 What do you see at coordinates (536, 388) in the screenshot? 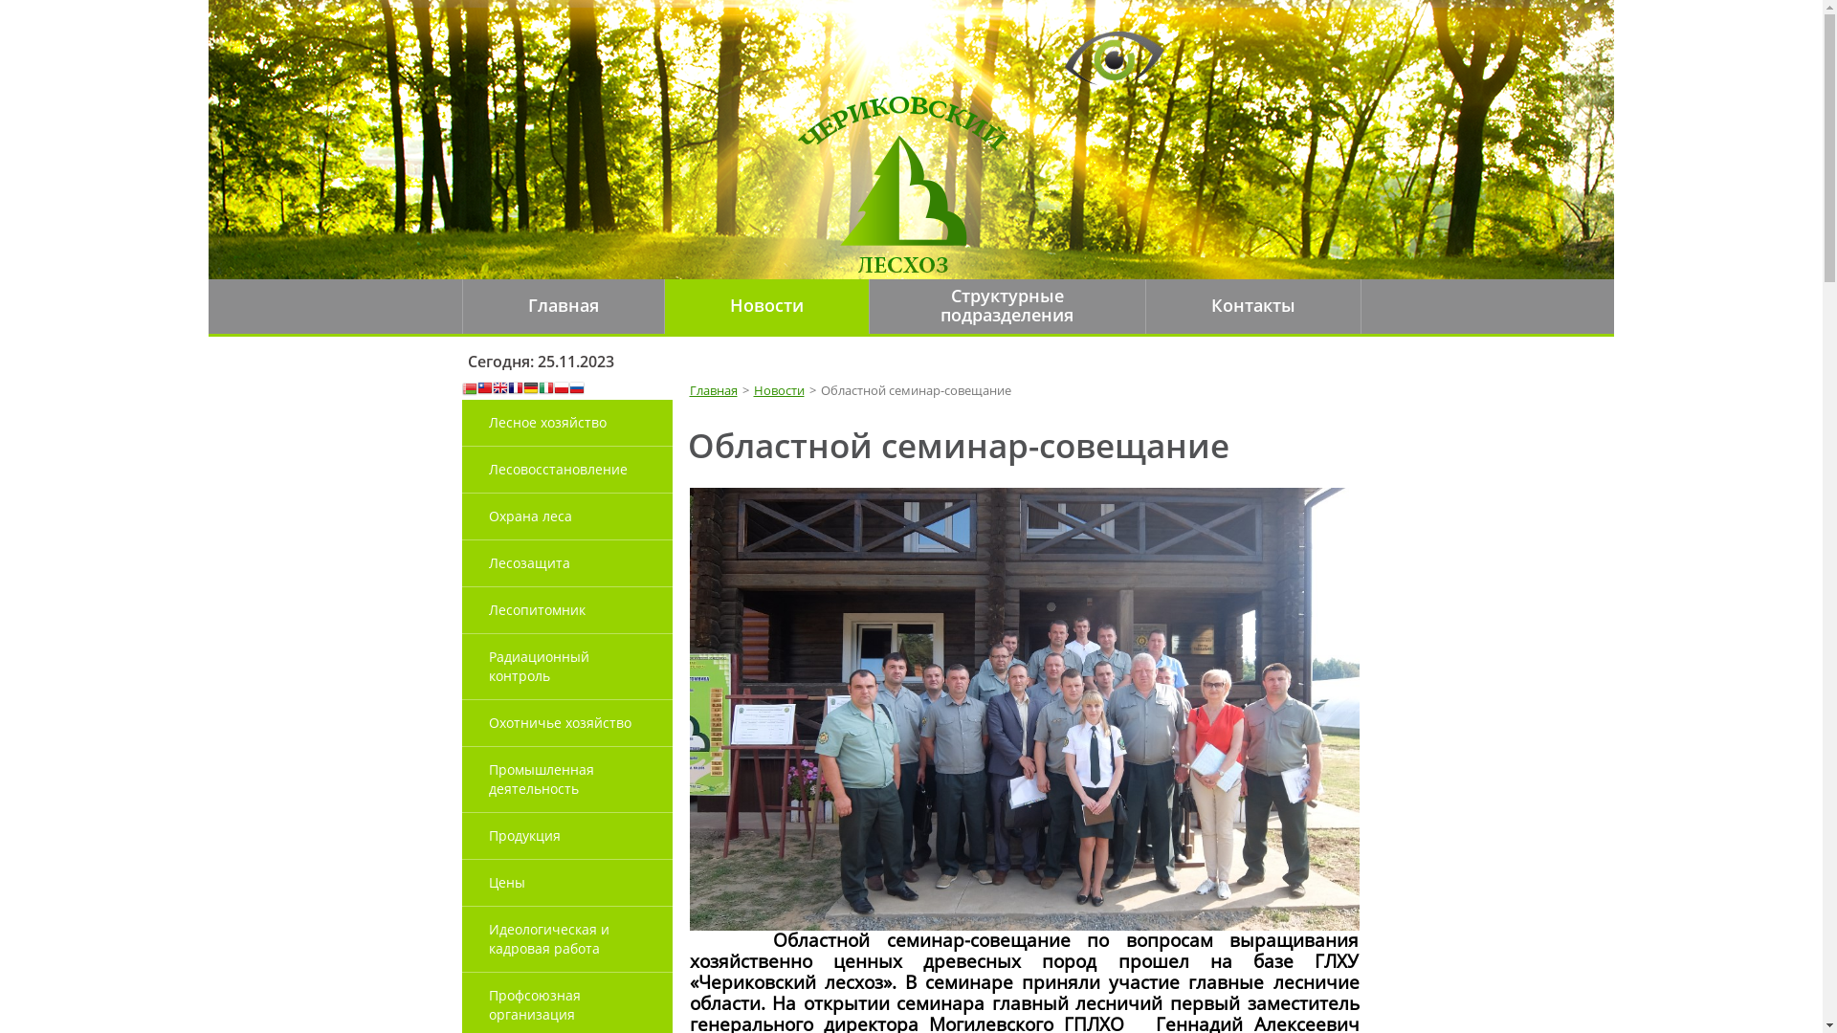
I see `'Italian'` at bounding box center [536, 388].